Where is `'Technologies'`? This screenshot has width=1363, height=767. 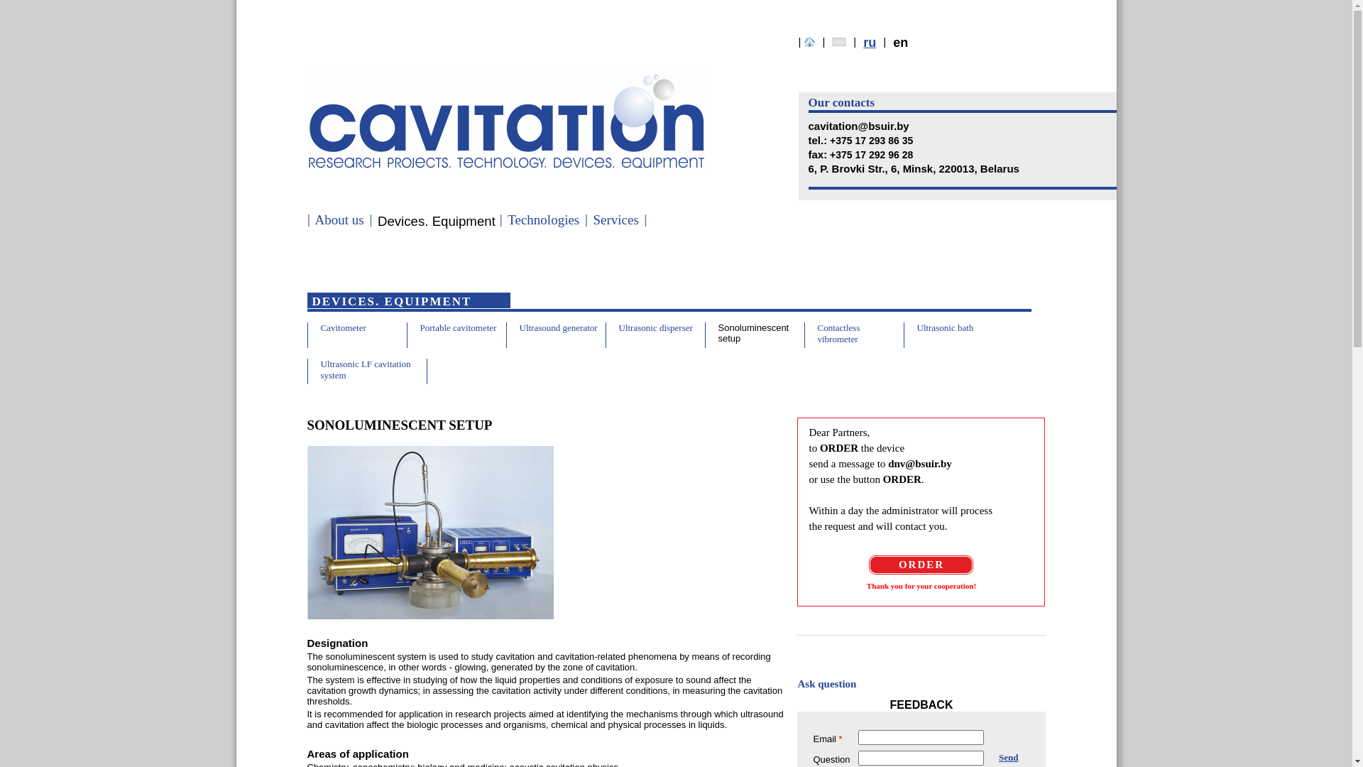 'Technologies' is located at coordinates (508, 219).